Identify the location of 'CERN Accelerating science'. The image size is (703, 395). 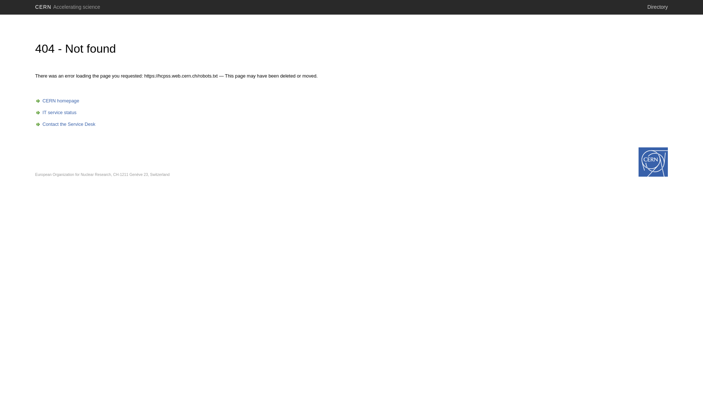
(68, 7).